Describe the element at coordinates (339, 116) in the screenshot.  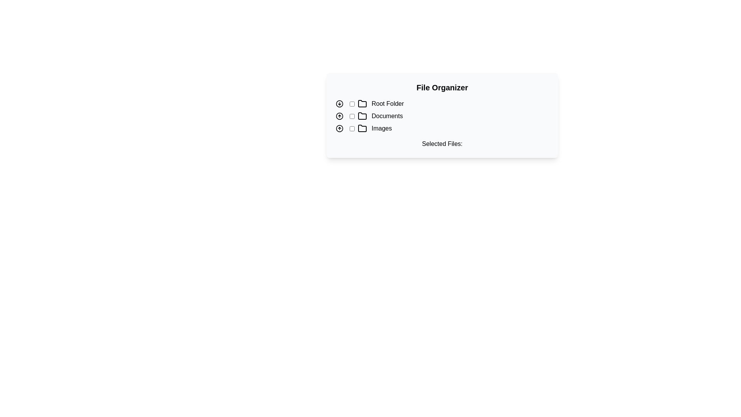
I see `the first graphical icon in the 'Documents' row` at that location.